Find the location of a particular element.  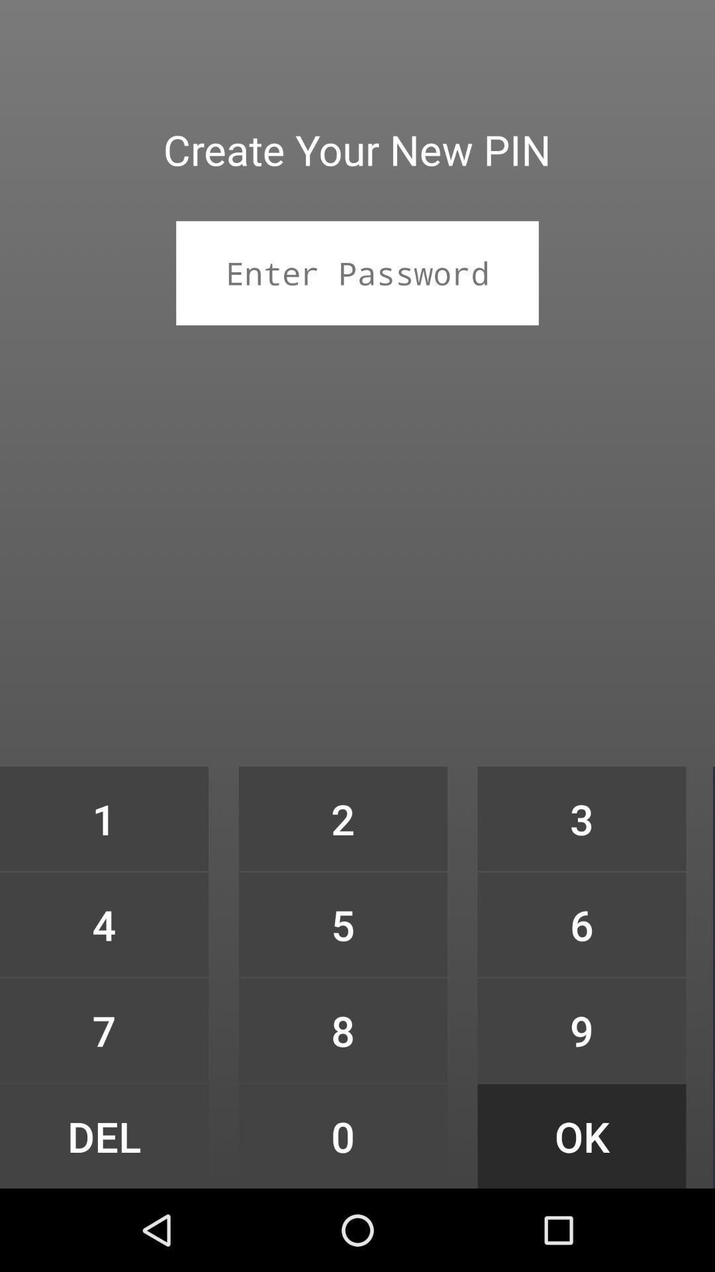

the icon above 8 item is located at coordinates (342, 924).